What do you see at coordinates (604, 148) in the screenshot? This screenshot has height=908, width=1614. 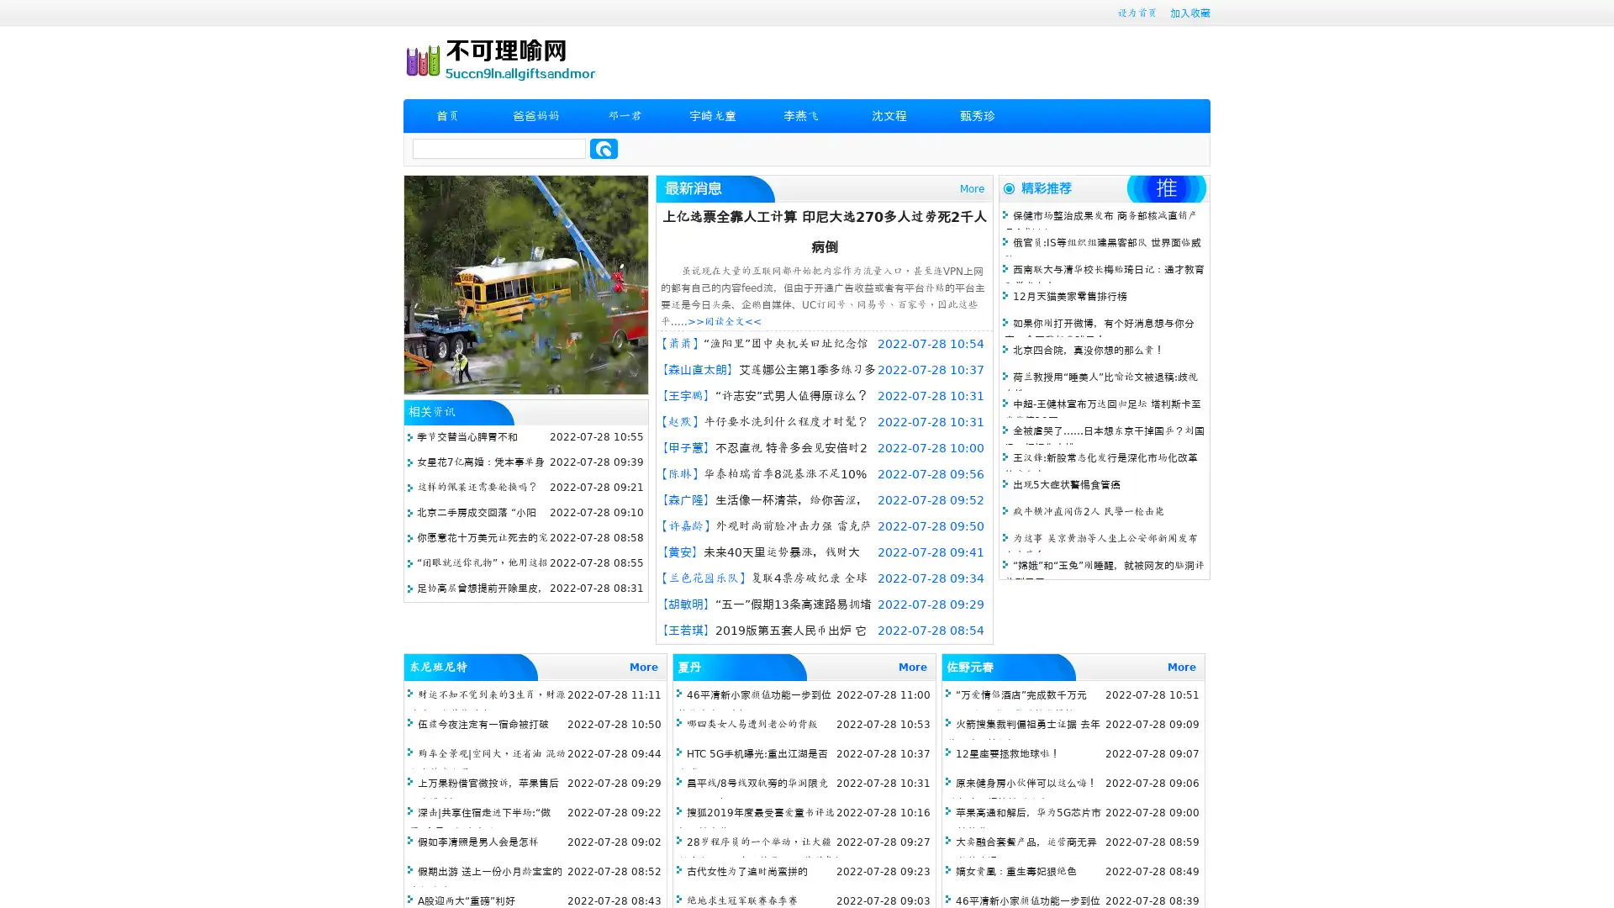 I see `Search` at bounding box center [604, 148].